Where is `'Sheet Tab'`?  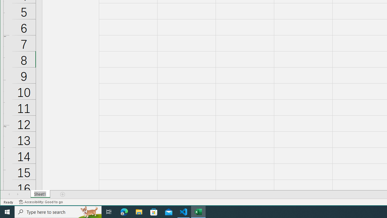
'Sheet Tab' is located at coordinates (40, 194).